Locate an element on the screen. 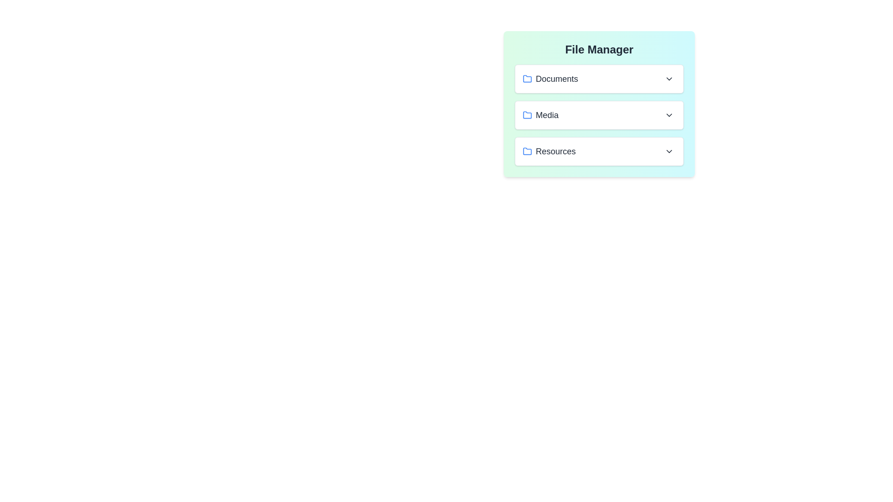 This screenshot has height=502, width=893. the file VacationPhoto.jpg from the folder Media is located at coordinates (599, 114).